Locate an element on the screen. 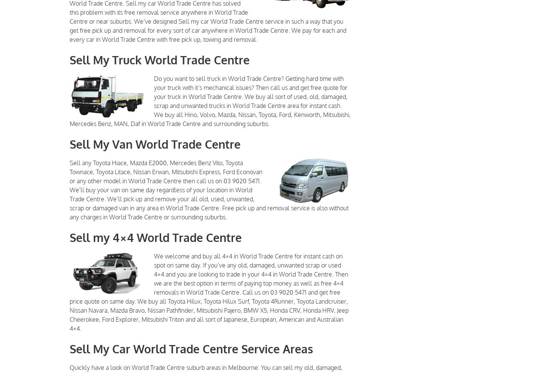  'CRV, Honda HRV, Jeep Cheerokee, Ford Explorer, Mitsubishi Triton and all sort of Japanese, European, American and Australian 4×4.' is located at coordinates (209, 319).